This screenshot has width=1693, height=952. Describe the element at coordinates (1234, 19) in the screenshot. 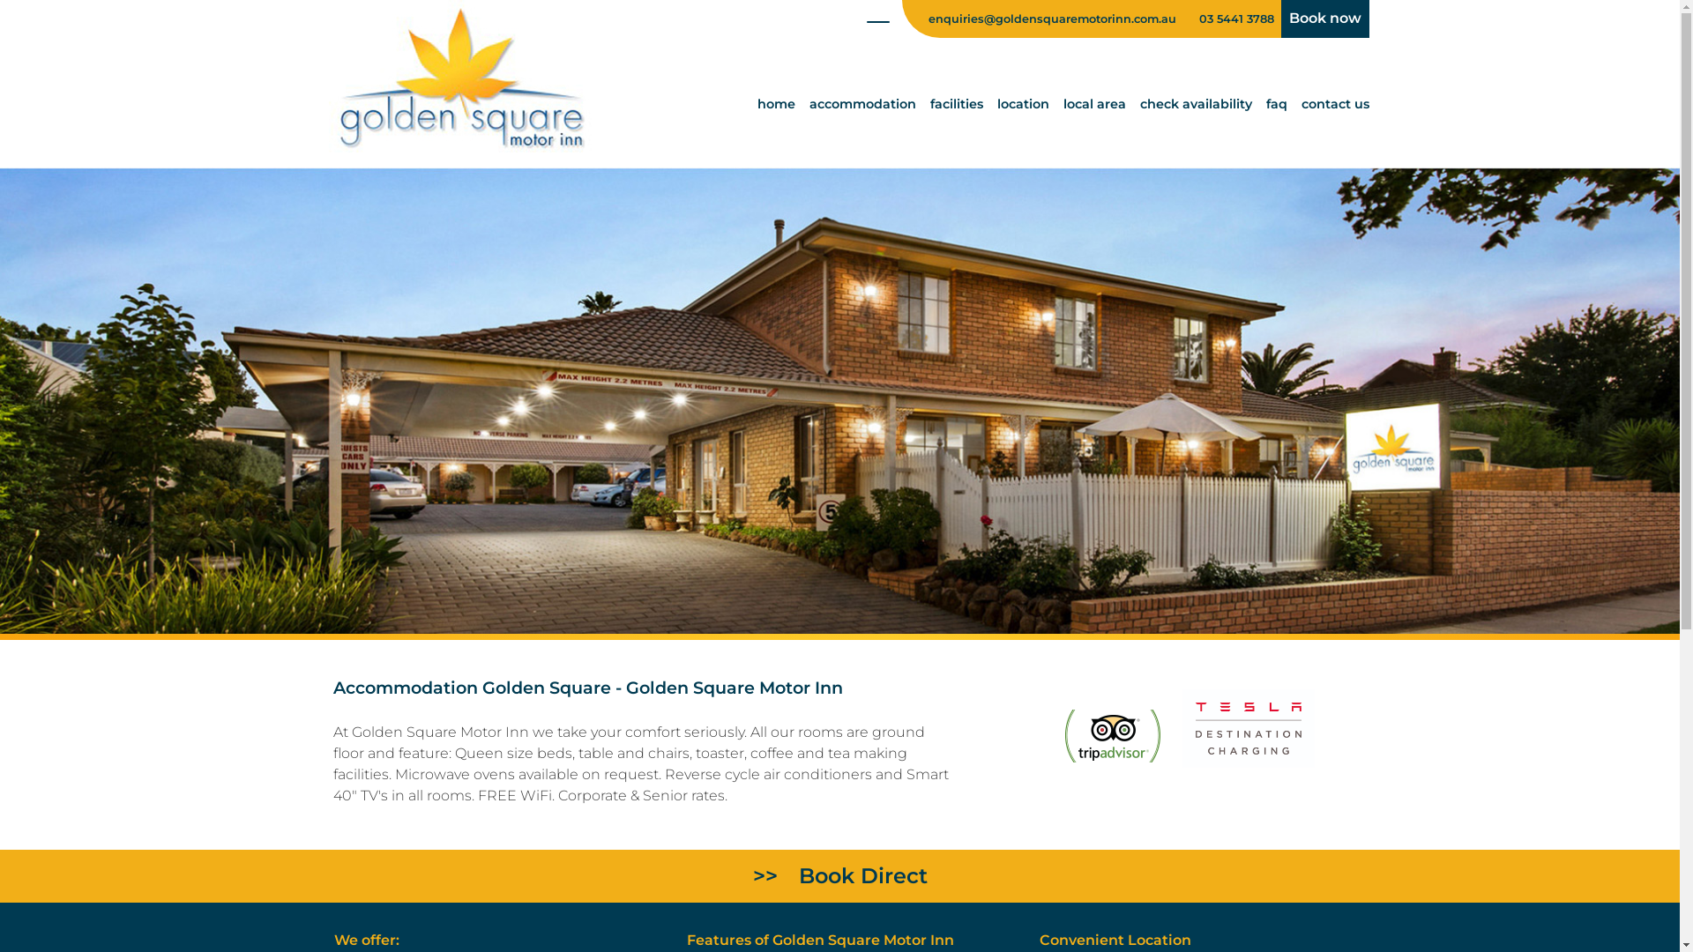

I see `'03 5441 3788'` at that location.